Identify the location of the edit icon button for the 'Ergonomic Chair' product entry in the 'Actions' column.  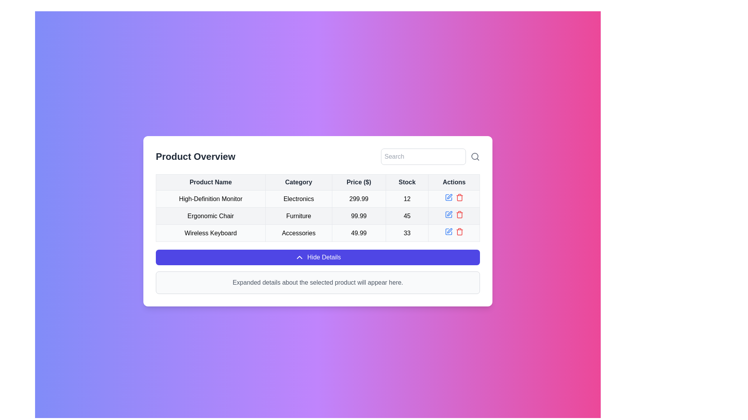
(448, 197).